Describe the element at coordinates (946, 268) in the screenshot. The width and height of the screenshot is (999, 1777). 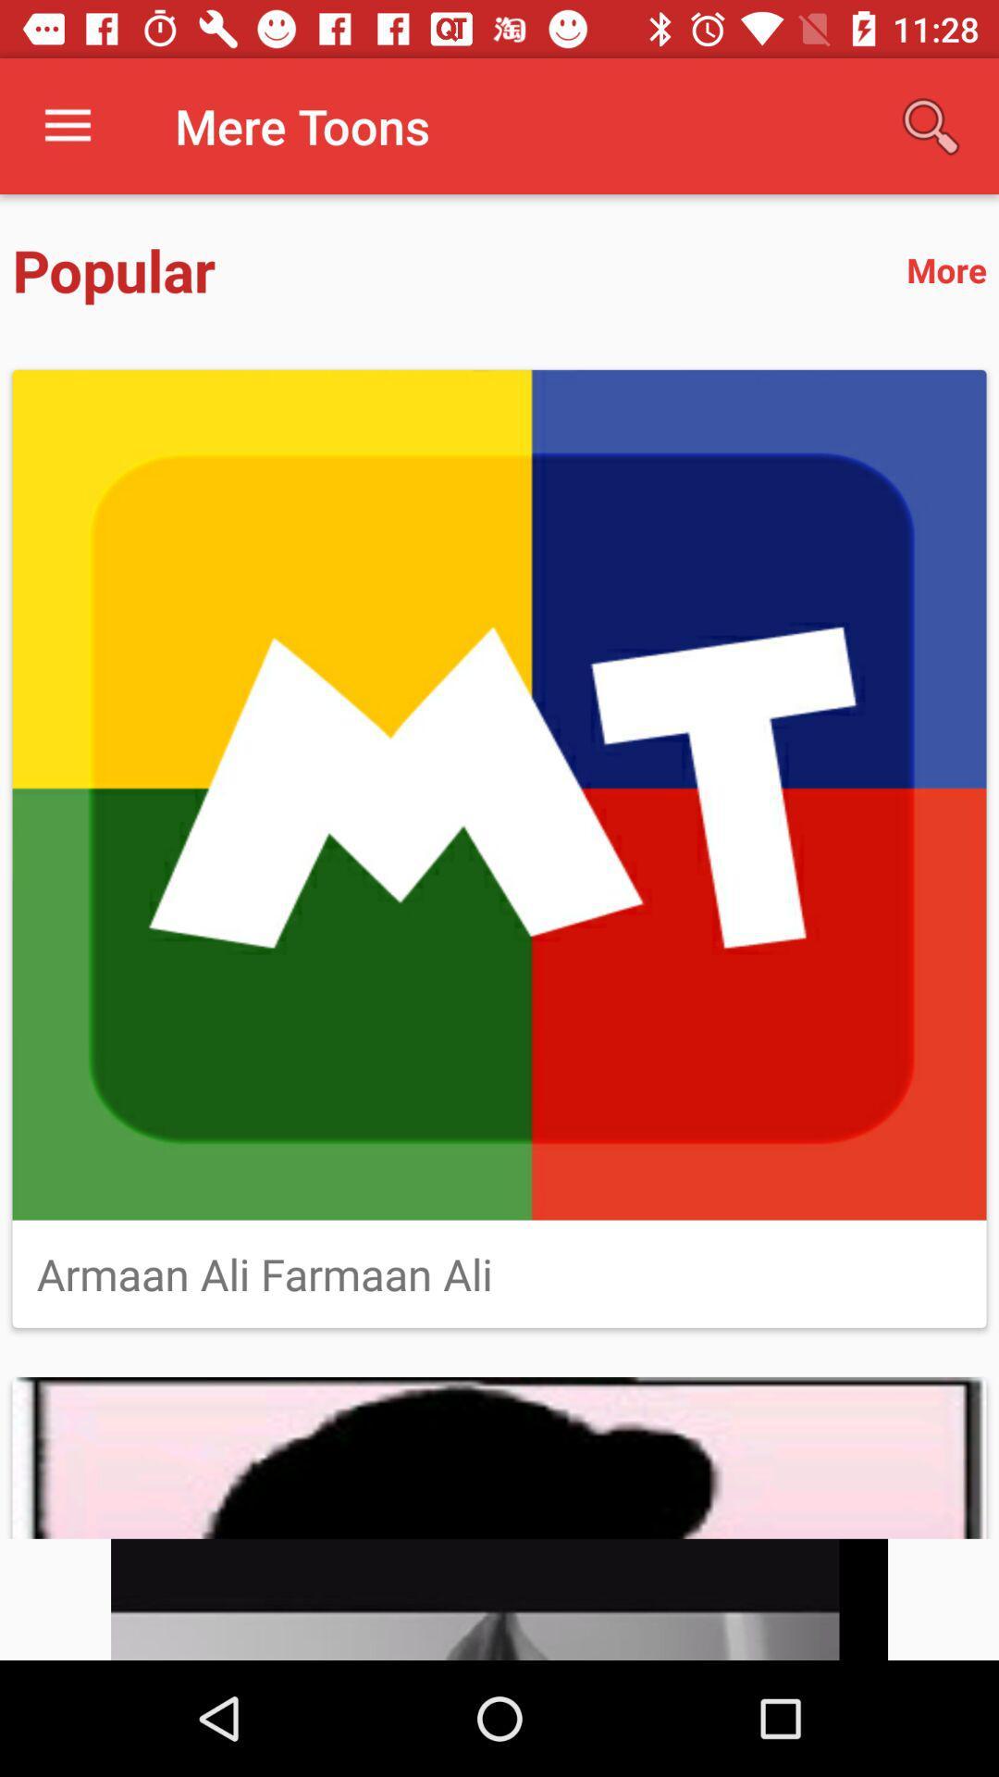
I see `the item to the right of popular` at that location.